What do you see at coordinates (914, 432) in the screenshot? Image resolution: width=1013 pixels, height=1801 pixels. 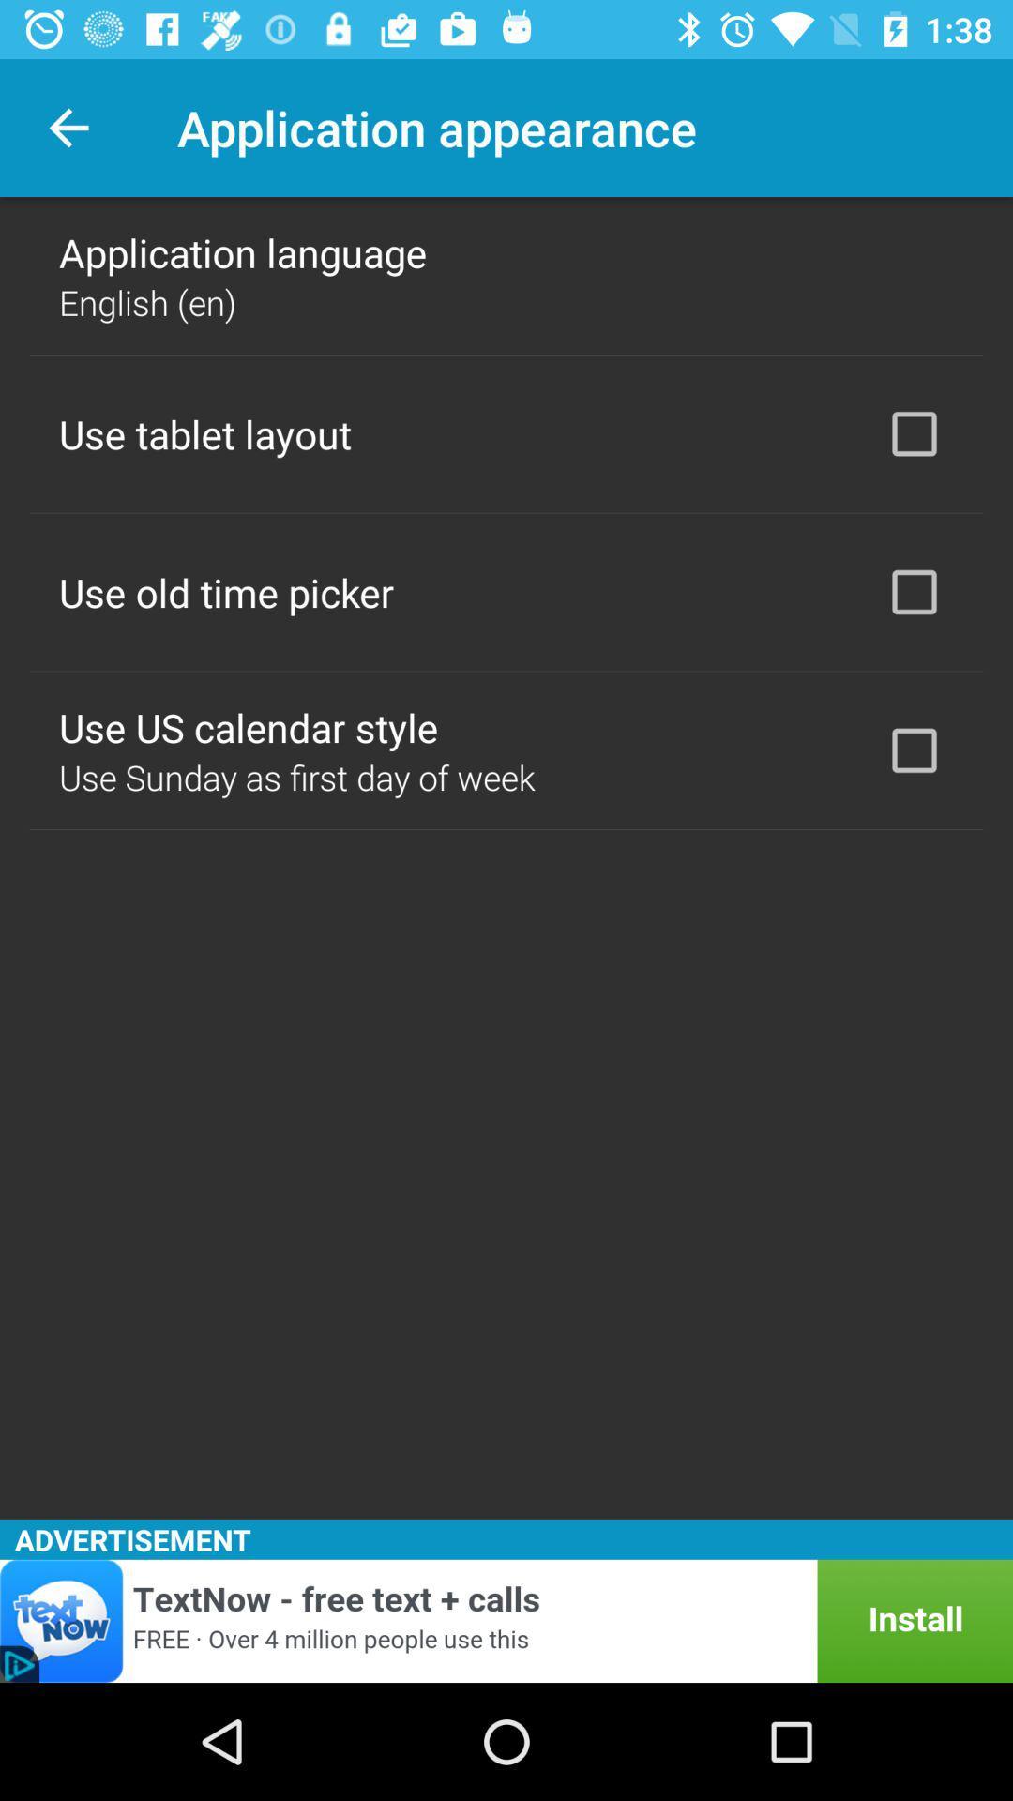 I see `the item to the right of the use tablet layout` at bounding box center [914, 432].